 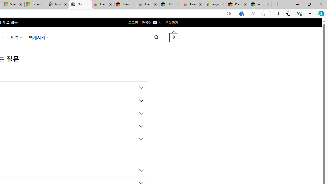 I want to click on 'This site has coupons! Shopping in Microsoft Edge, 5', so click(x=241, y=13).